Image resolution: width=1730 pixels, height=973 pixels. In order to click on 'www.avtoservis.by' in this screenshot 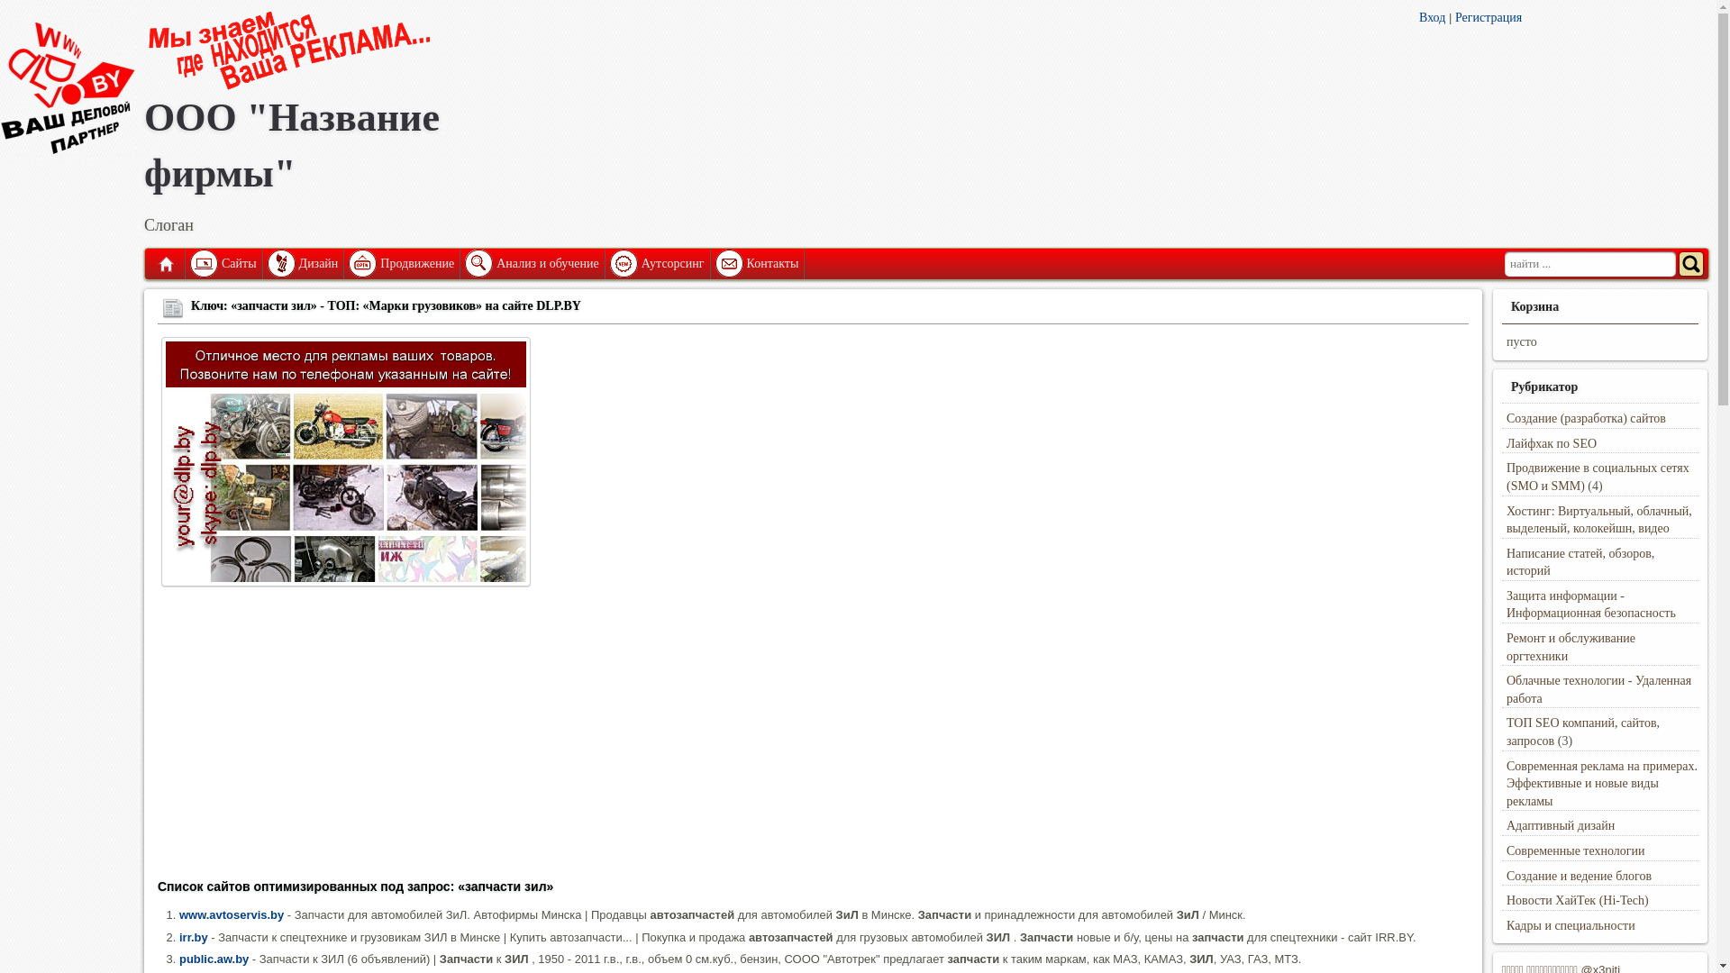, I will do `click(231, 914)`.